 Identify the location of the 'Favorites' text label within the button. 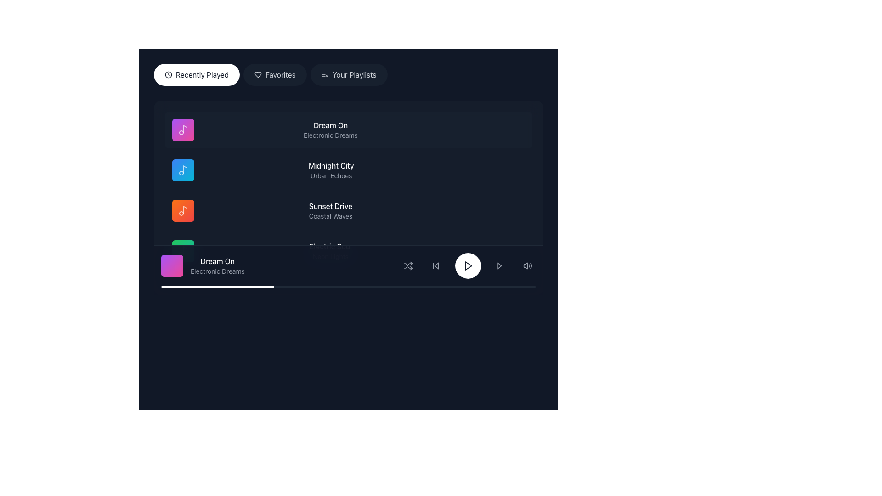
(280, 74).